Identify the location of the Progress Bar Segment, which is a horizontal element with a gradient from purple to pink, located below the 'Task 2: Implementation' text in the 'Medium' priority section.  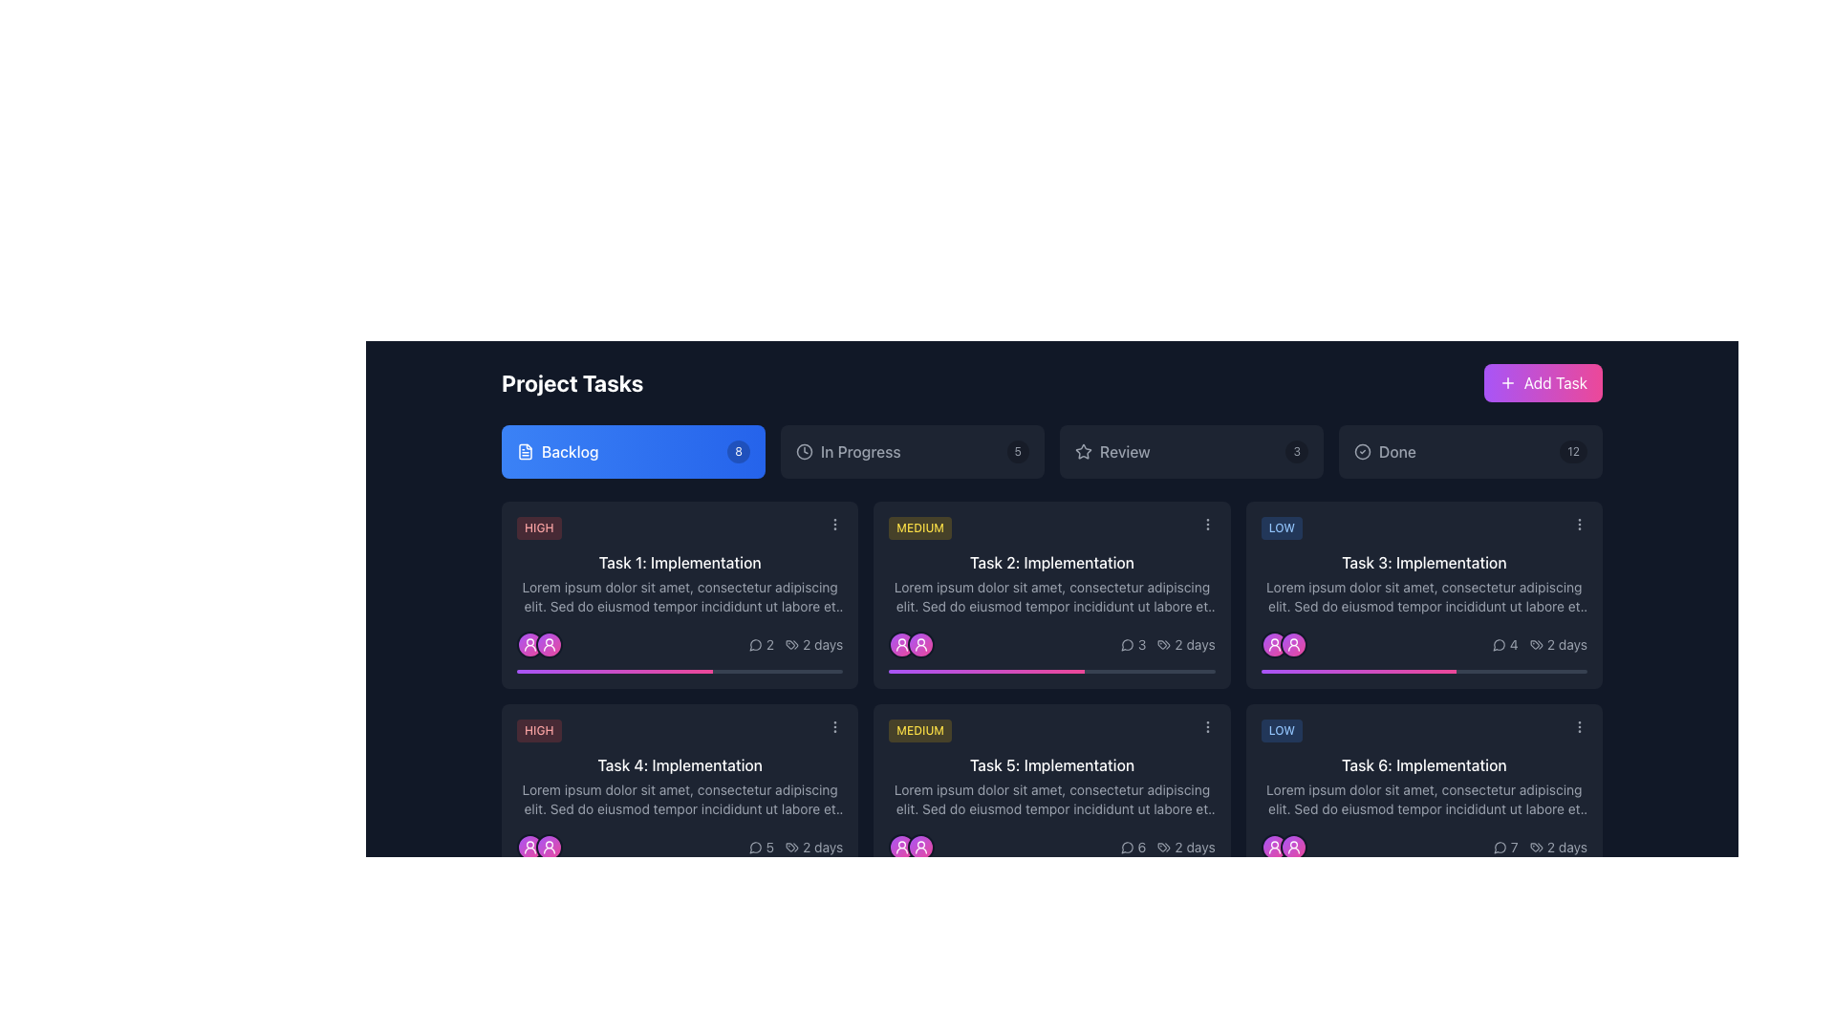
(986, 670).